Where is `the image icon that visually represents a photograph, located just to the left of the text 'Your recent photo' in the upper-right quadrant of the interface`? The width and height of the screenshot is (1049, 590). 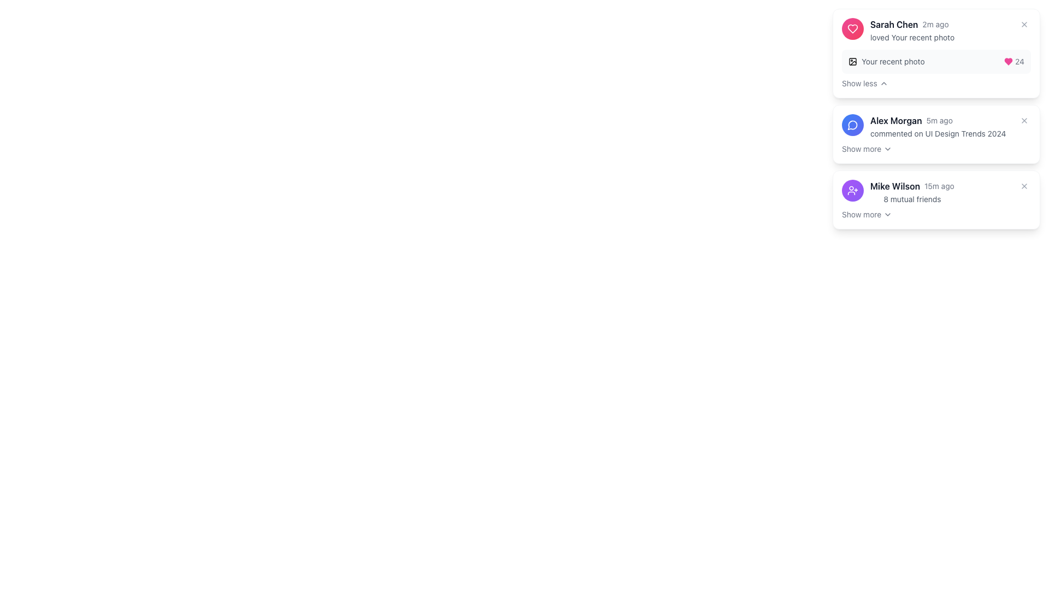 the image icon that visually represents a photograph, located just to the left of the text 'Your recent photo' in the upper-right quadrant of the interface is located at coordinates (852, 61).